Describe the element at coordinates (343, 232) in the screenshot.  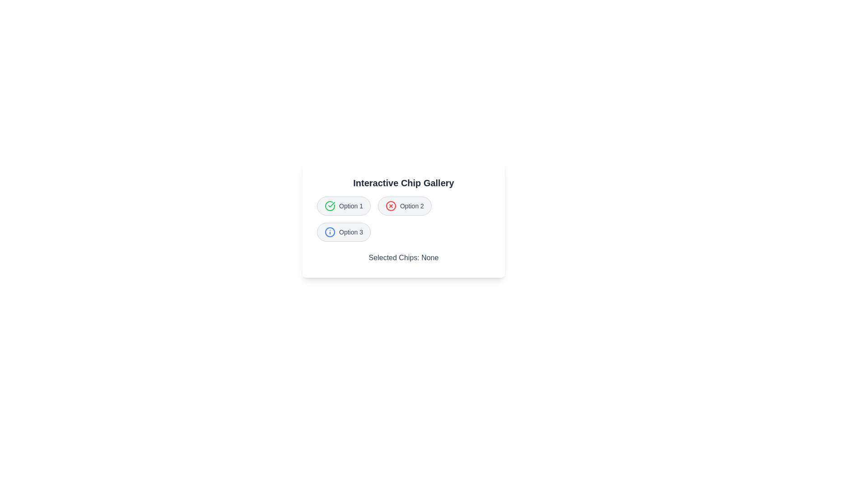
I see `the chip labeled Option 3 to observe its icon` at that location.